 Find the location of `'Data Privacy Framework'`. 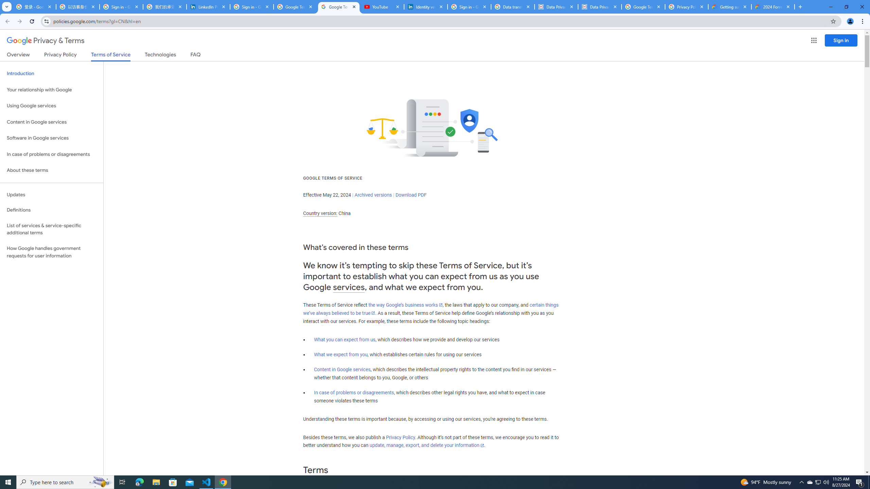

'Data Privacy Framework' is located at coordinates (600, 6).